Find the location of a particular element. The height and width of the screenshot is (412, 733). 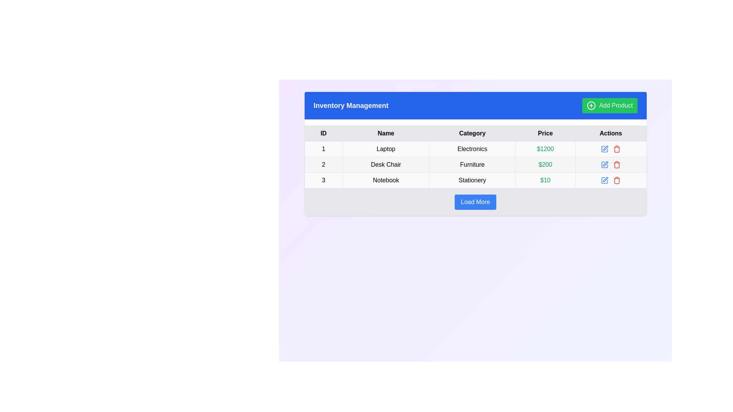

the Table Header Row which contains the labels 'ID', 'Name', 'Category', 'Price', and 'Actions' in light gray, located beneath the 'Inventory Management' title is located at coordinates (475, 133).